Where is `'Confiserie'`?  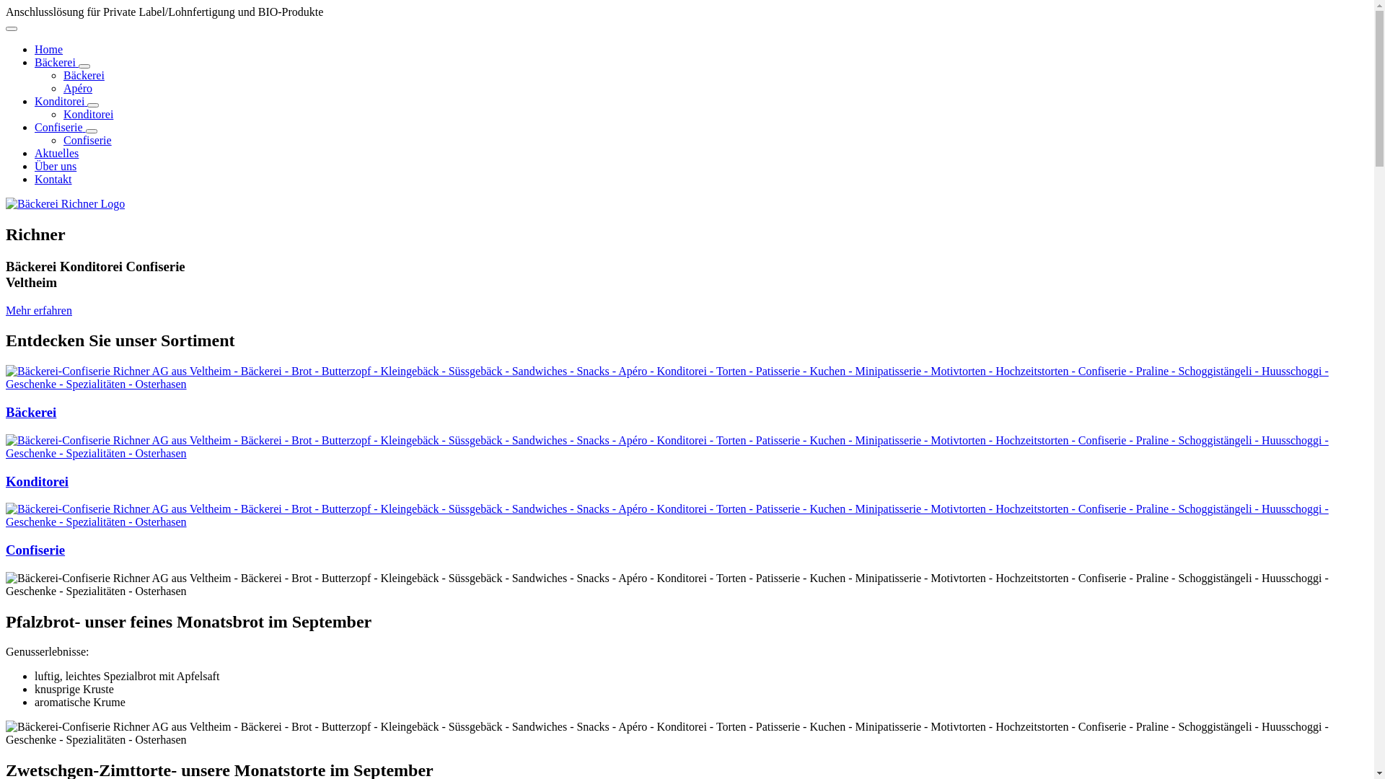
'Confiserie' is located at coordinates (87, 140).